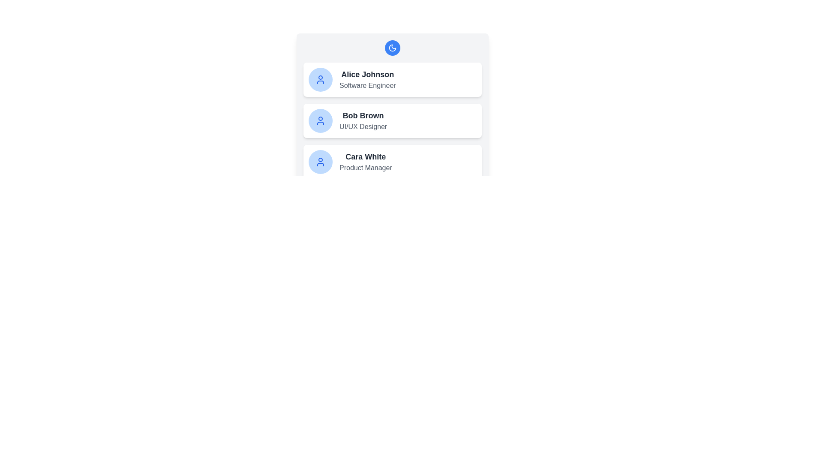 This screenshot has width=823, height=463. I want to click on the text block displaying 'Cara White', so click(366, 162).